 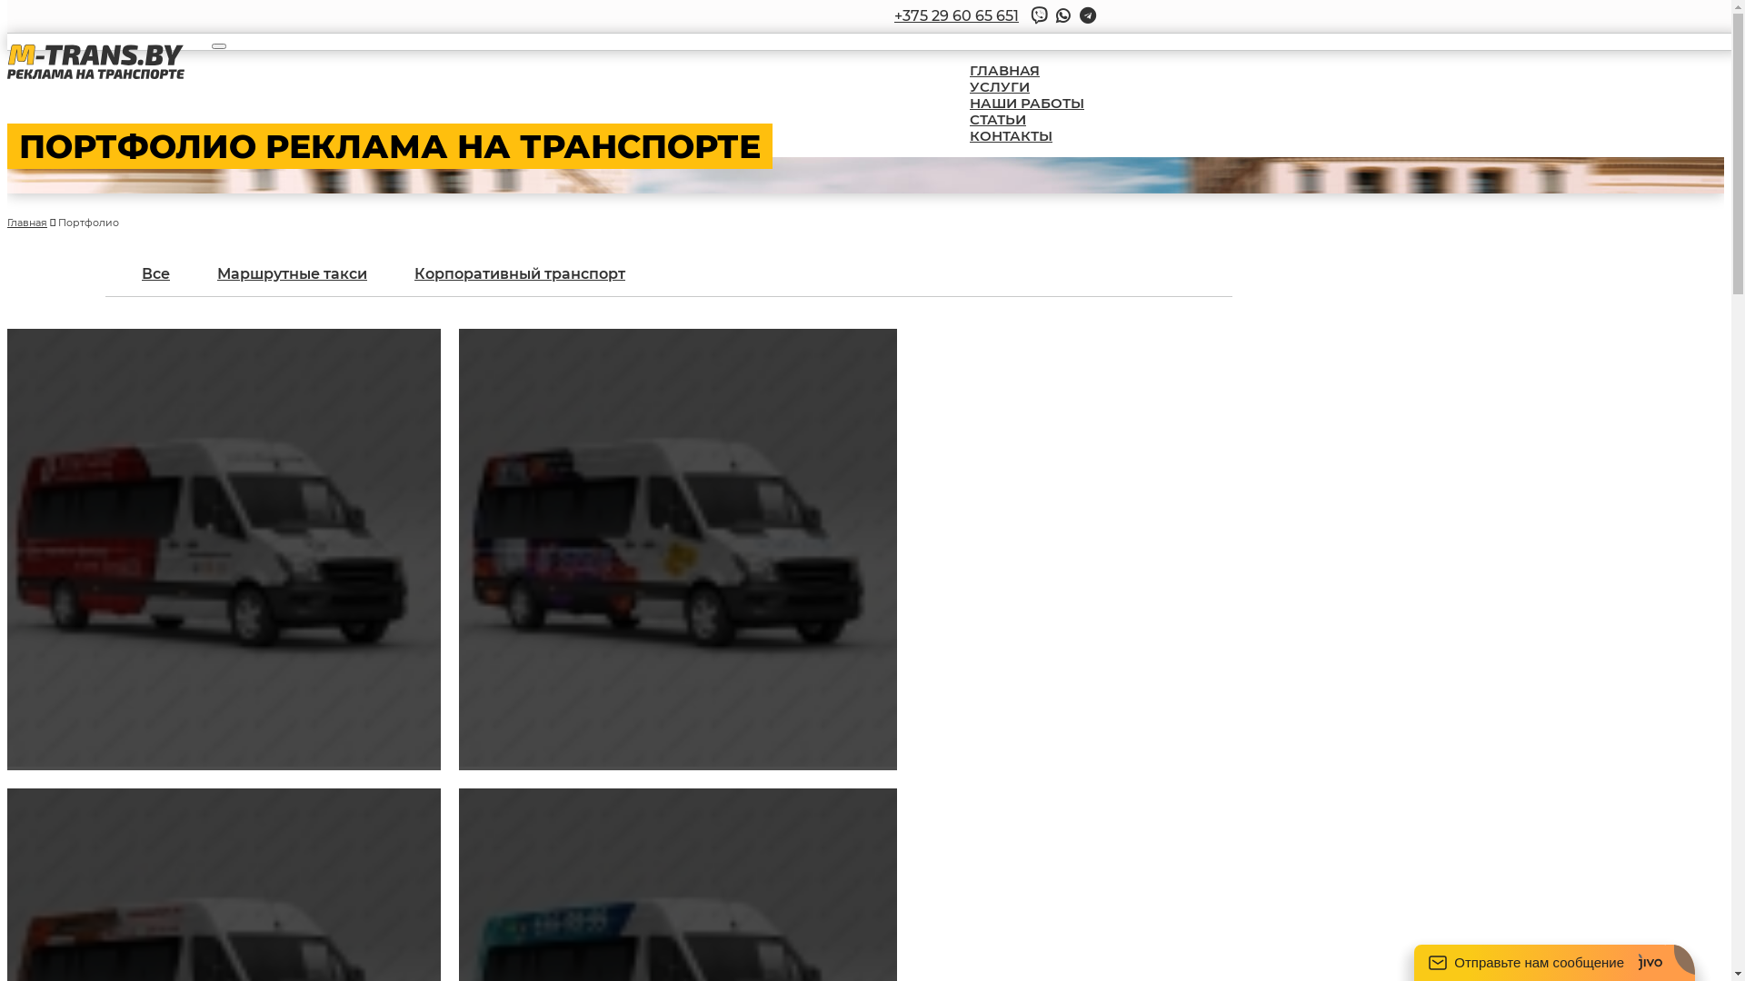 I want to click on '+375 29 60 65 651', so click(x=955, y=15).